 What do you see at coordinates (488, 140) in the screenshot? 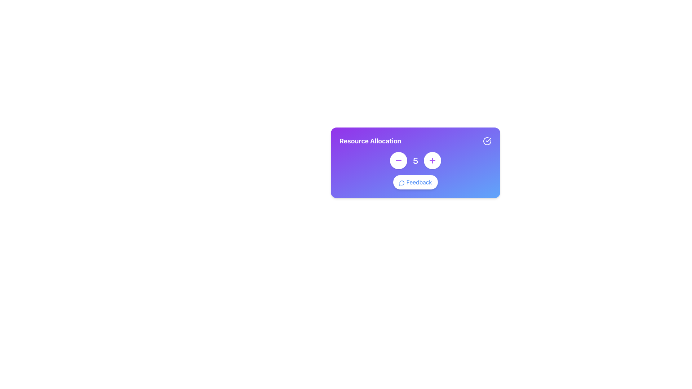
I see `the checkmark icon within the circular icon on the 'Resource Allocation' card` at bounding box center [488, 140].